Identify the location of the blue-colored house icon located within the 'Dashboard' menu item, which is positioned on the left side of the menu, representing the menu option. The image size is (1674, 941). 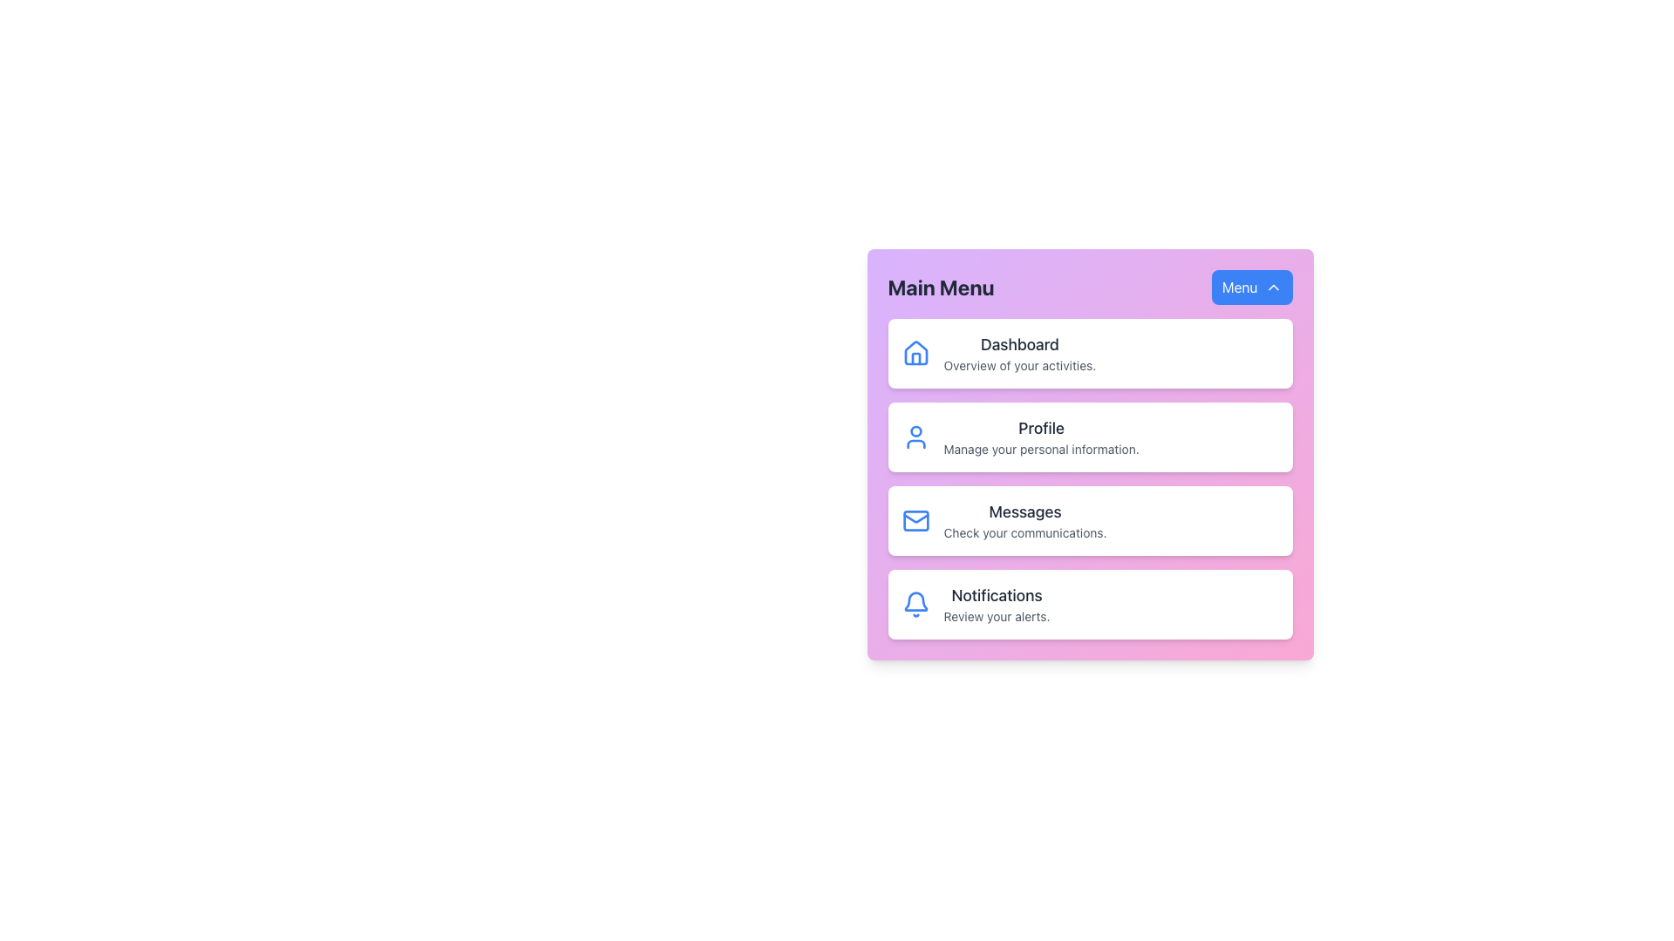
(915, 353).